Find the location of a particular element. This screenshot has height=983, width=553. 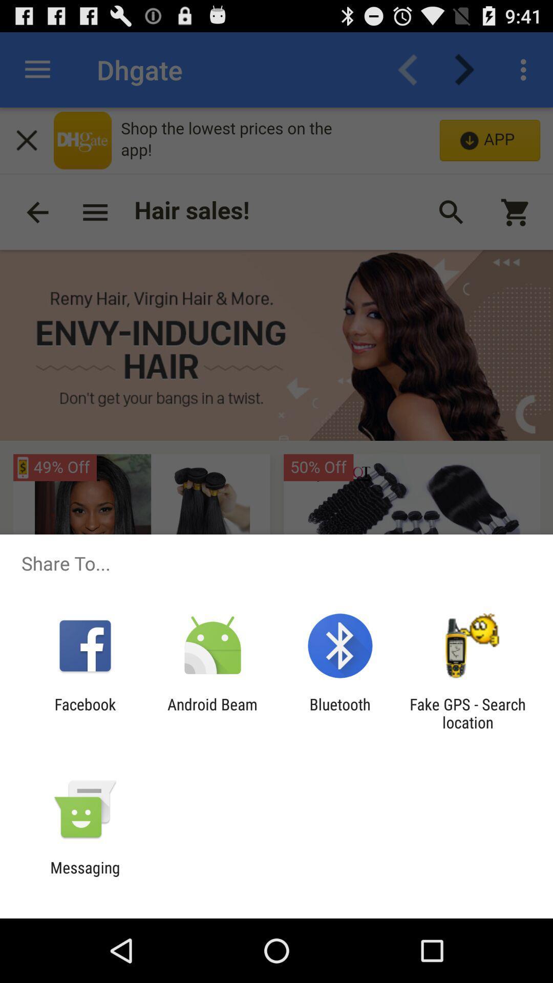

facebook is located at coordinates (84, 713).